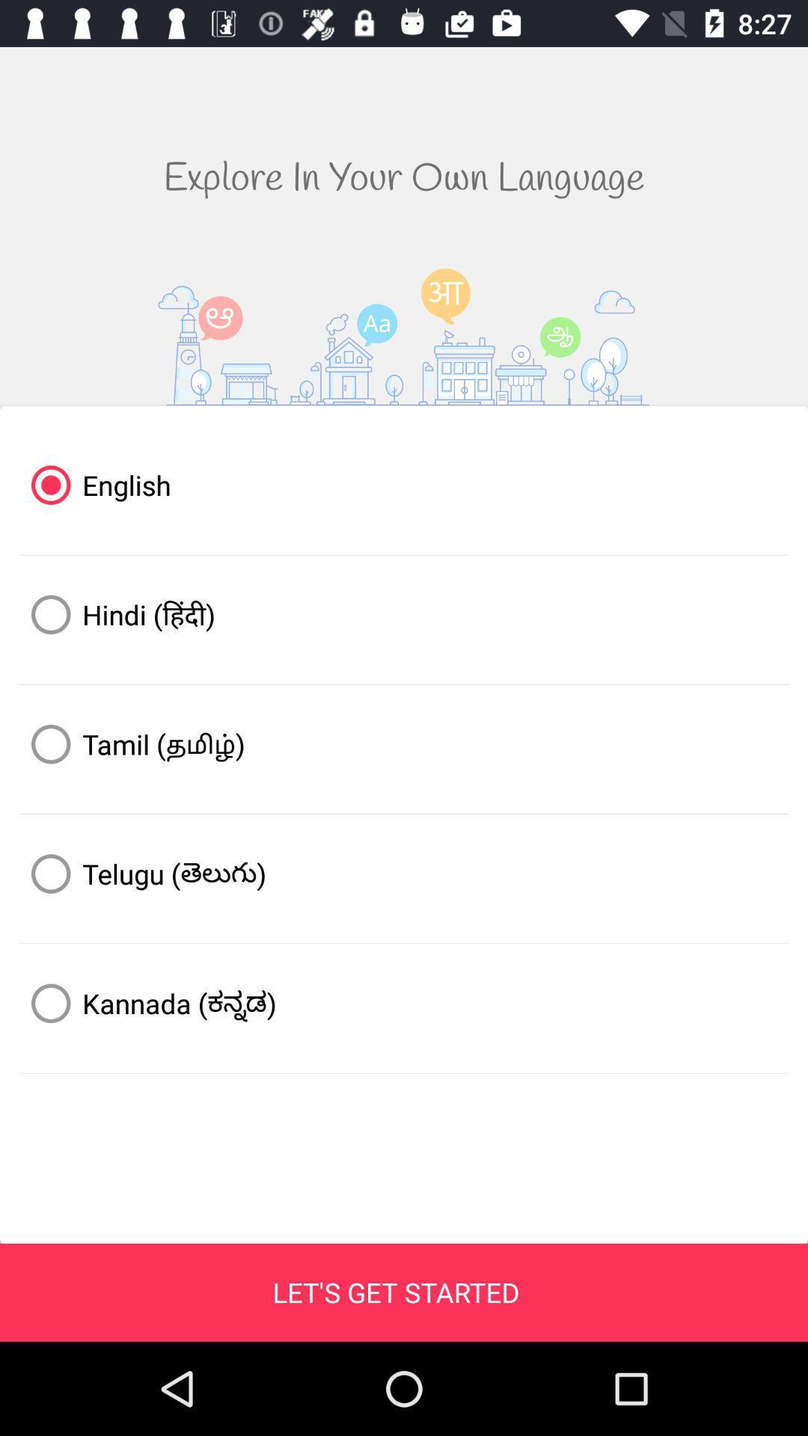 This screenshot has height=1436, width=808. I want to click on english icon, so click(404, 485).